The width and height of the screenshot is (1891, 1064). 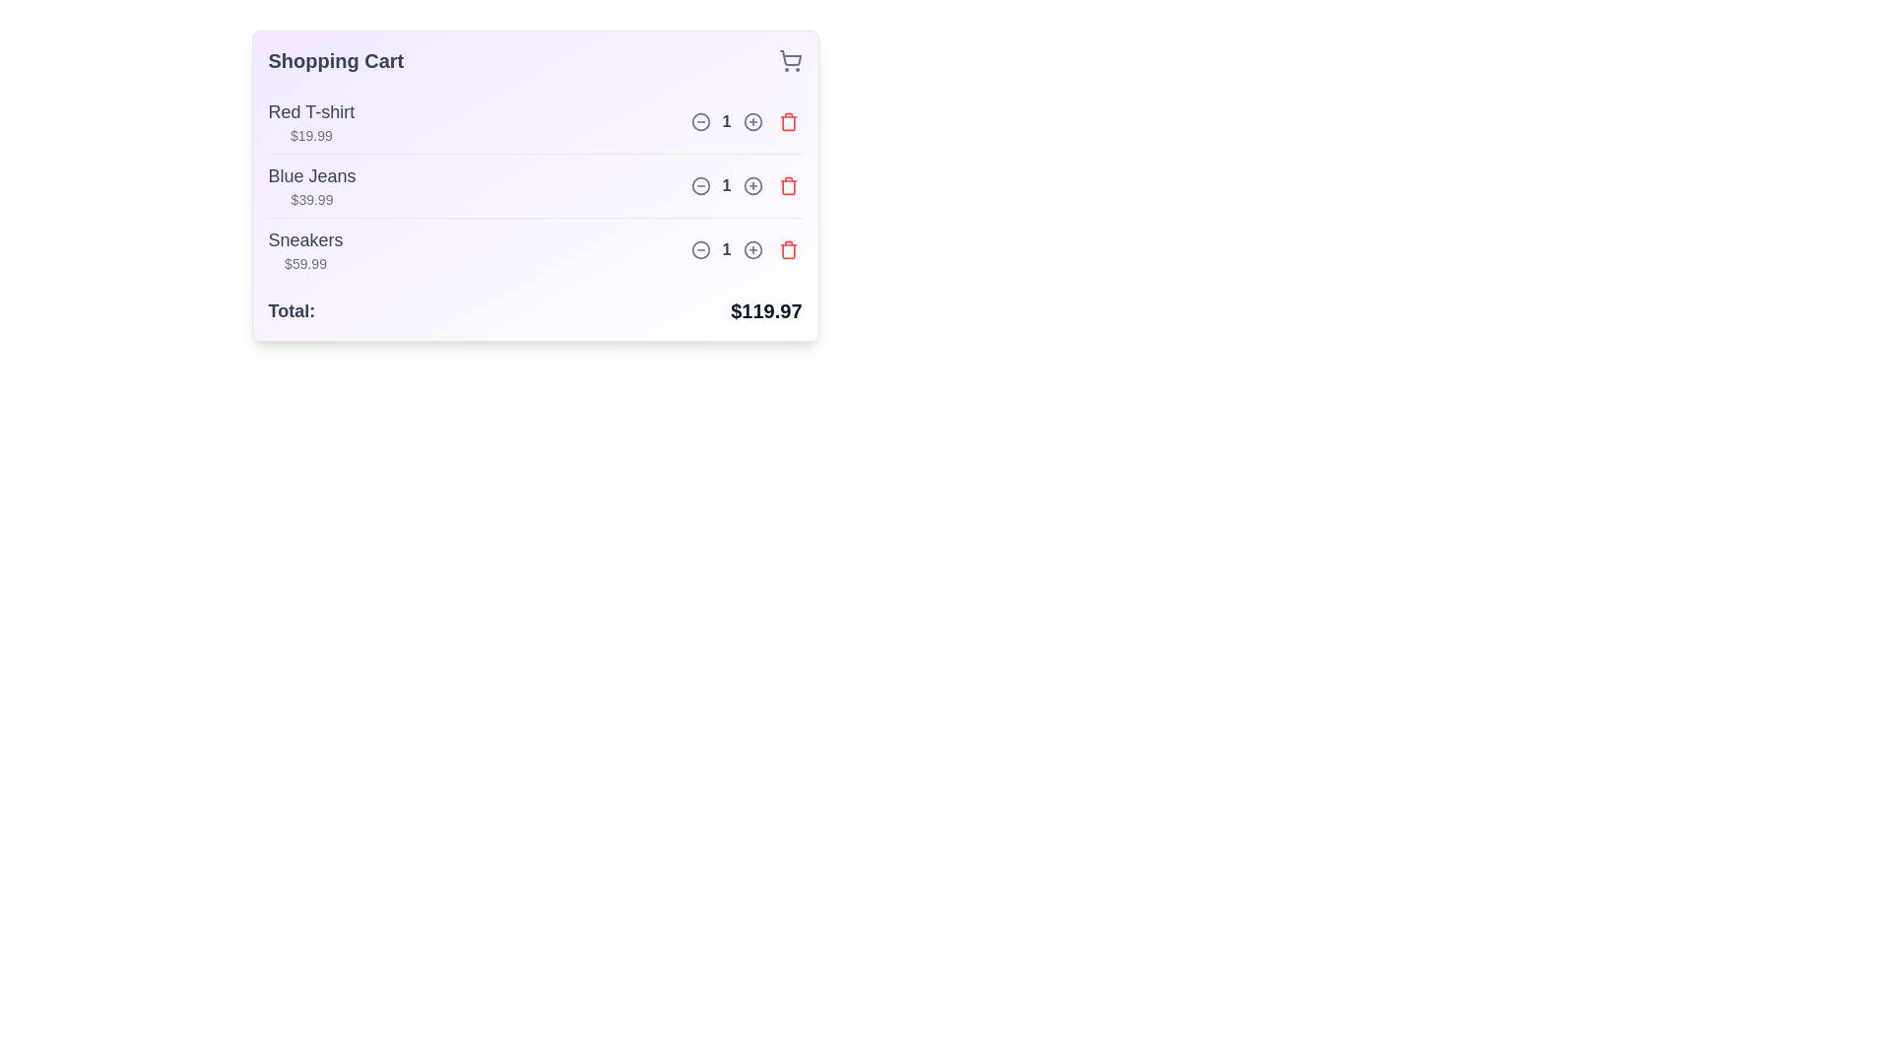 What do you see at coordinates (751, 186) in the screenshot?
I see `the circular '+' icon button located to the right of the '1' counter for the 'Blue Jeans' item in the shopping cart list to increment the item count` at bounding box center [751, 186].